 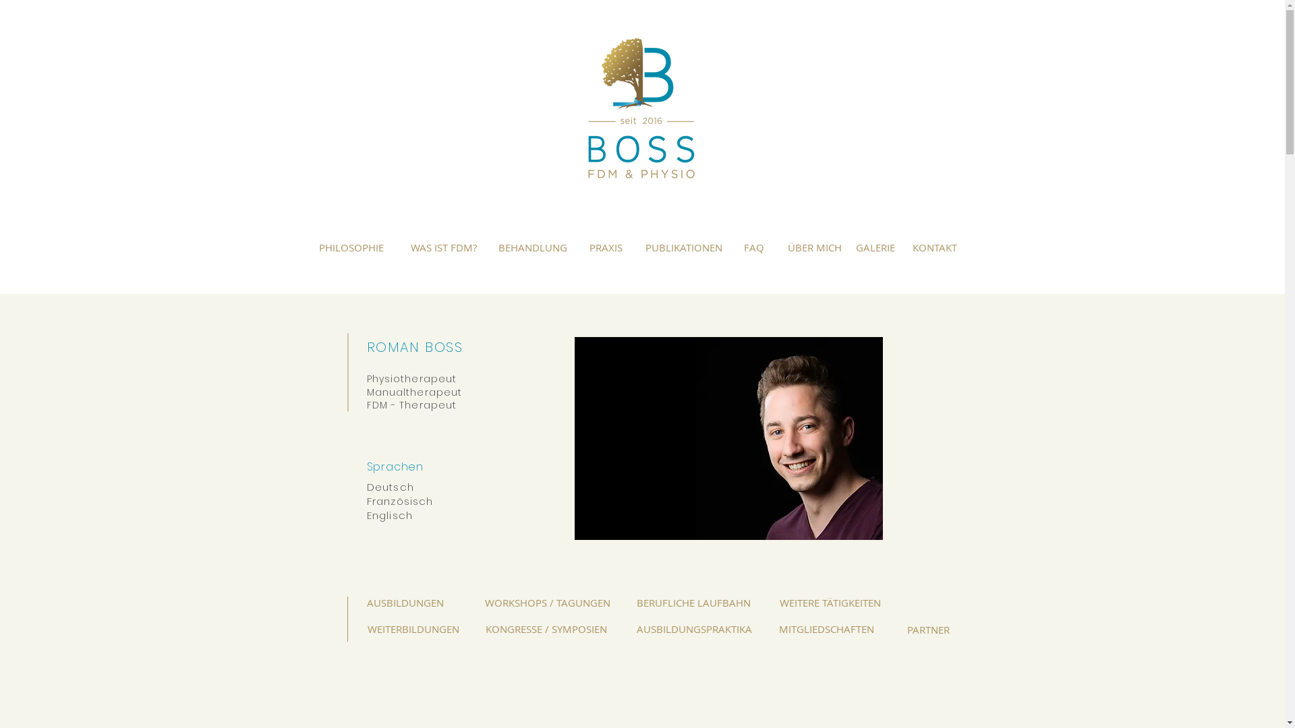 I want to click on 'MITGLIEDSCHAFTEN', so click(x=825, y=629).